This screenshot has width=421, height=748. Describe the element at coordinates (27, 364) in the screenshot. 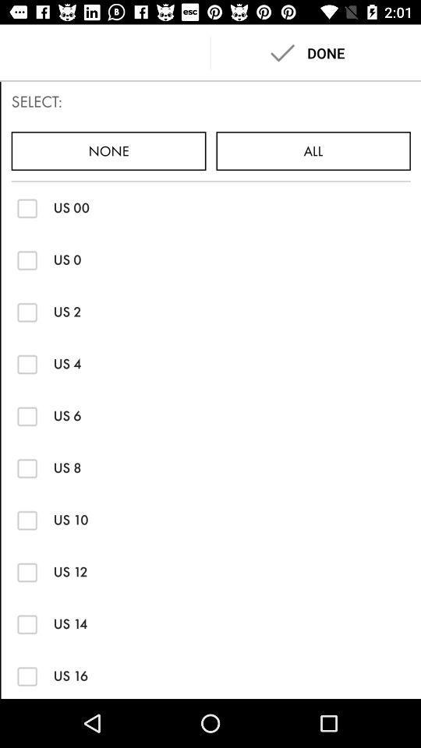

I see `us 4` at that location.